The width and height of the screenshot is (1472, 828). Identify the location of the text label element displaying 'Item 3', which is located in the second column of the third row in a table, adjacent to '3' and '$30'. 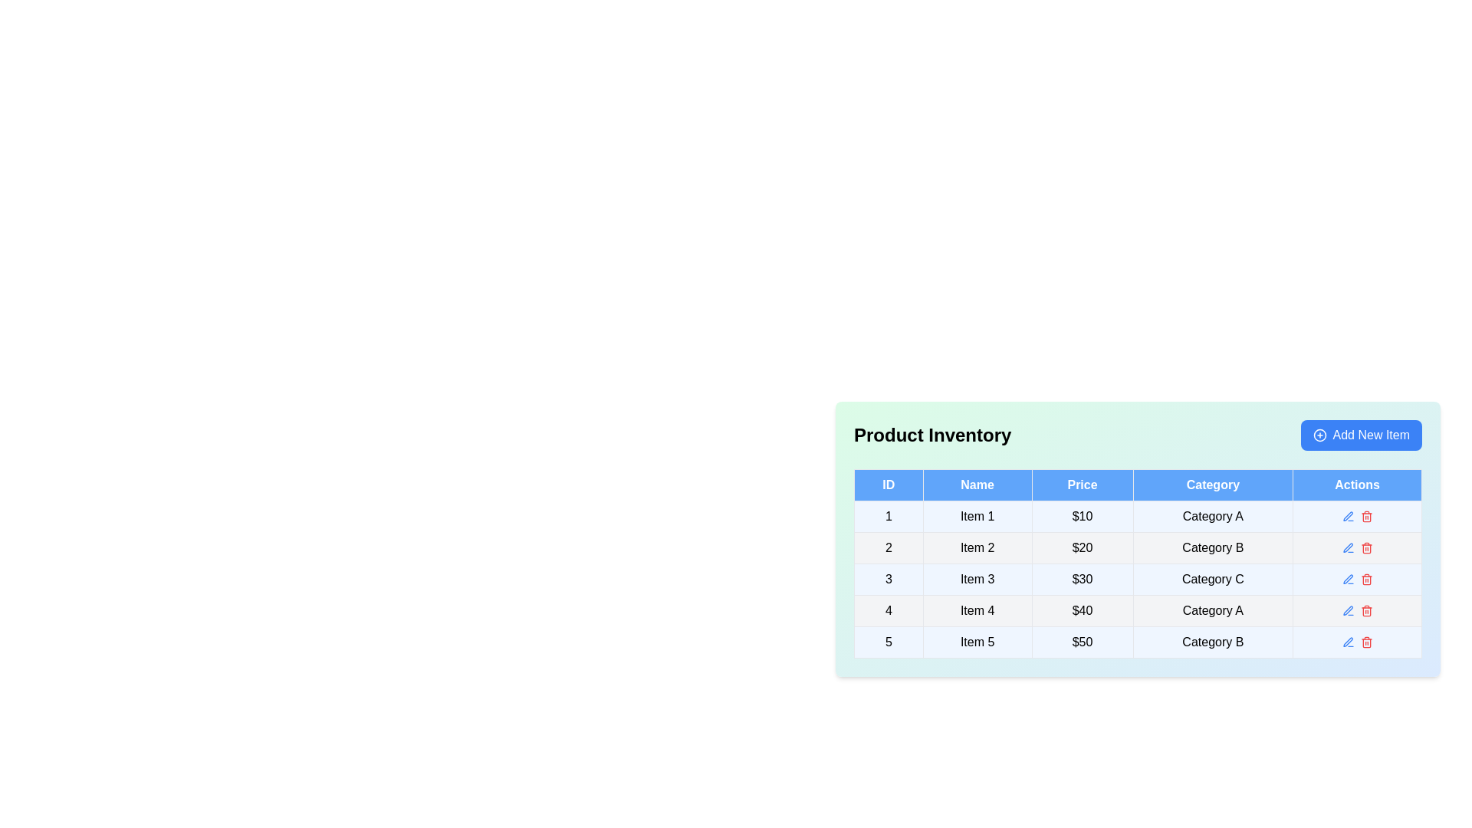
(977, 580).